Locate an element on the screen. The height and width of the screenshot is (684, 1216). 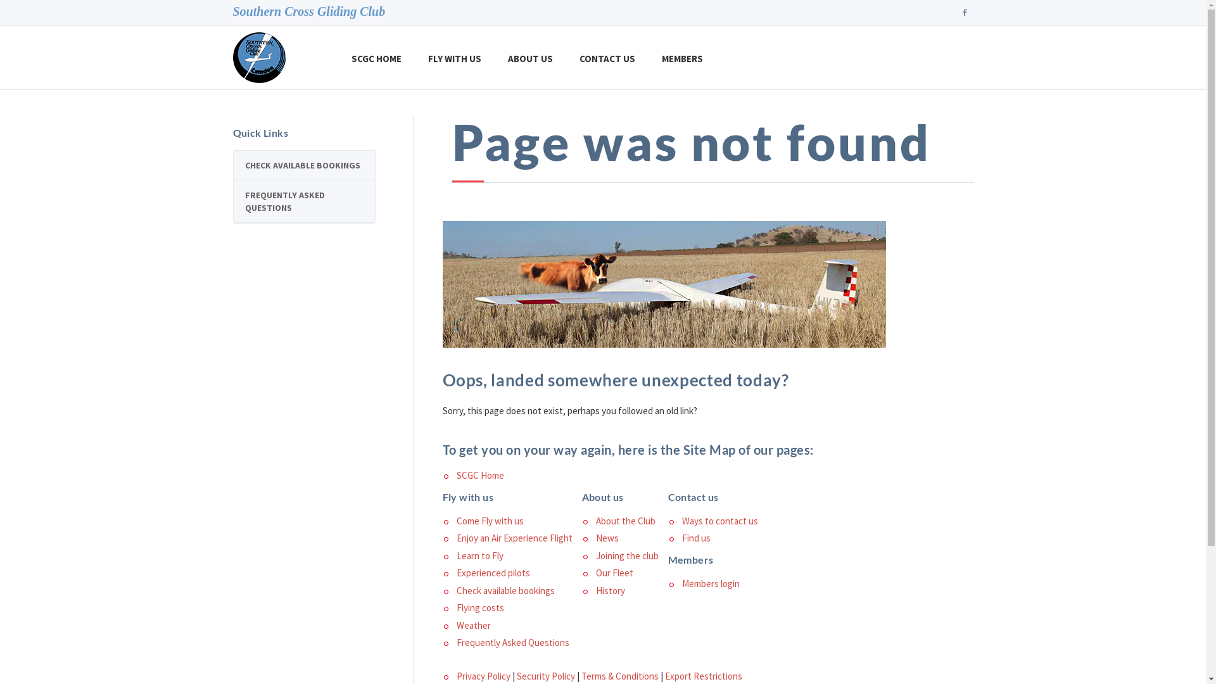
'About the Club' is located at coordinates (625, 521).